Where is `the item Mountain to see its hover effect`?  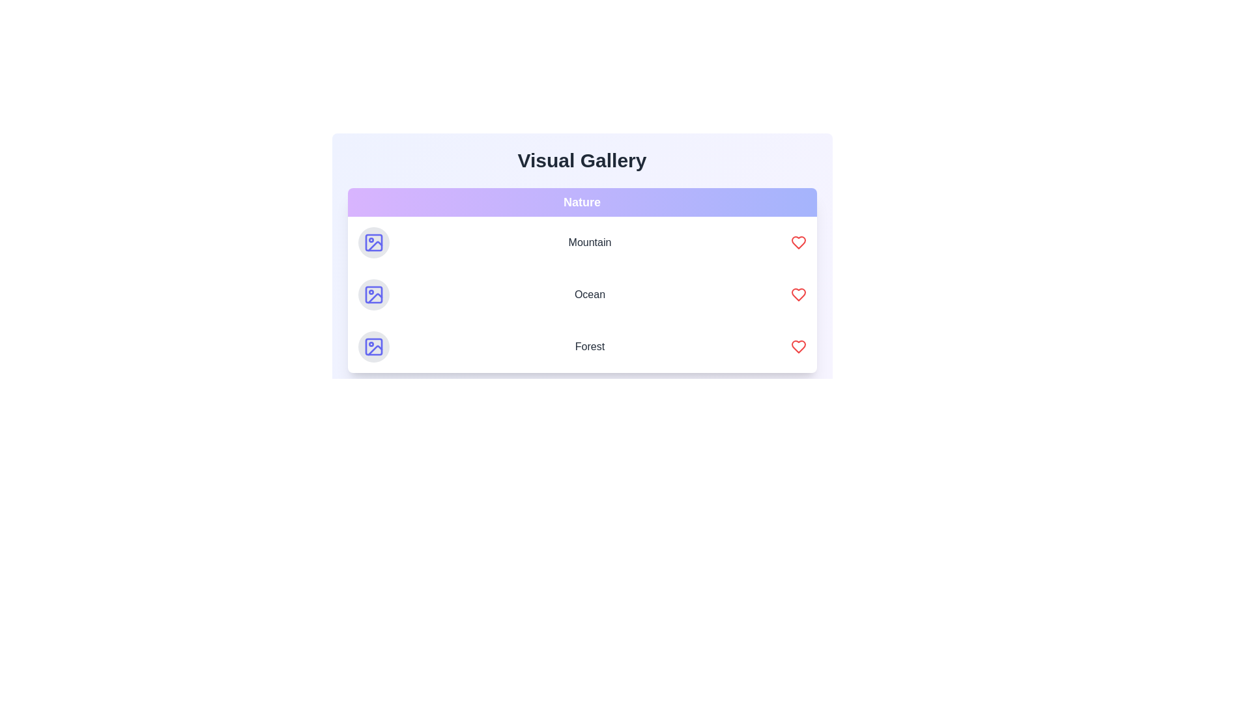
the item Mountain to see its hover effect is located at coordinates (581, 243).